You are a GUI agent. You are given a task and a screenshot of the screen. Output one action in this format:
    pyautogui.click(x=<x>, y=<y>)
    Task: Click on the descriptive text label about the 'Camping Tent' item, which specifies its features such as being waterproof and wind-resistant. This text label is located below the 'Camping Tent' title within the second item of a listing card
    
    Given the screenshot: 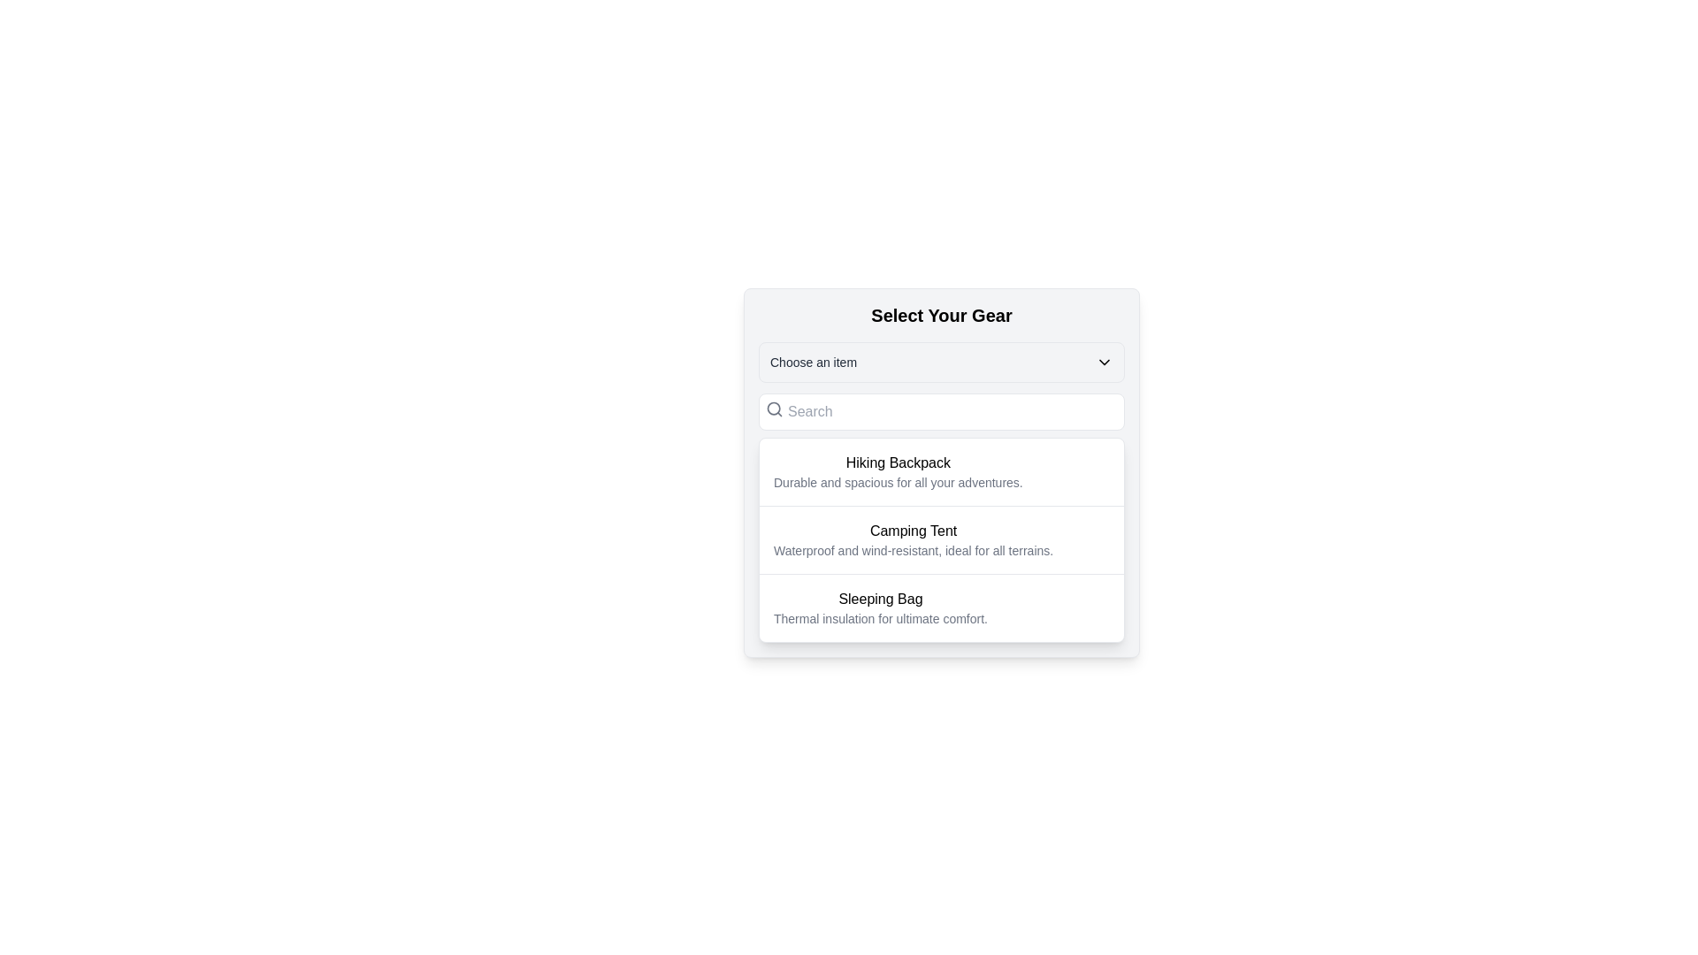 What is the action you would take?
    pyautogui.click(x=914, y=550)
    